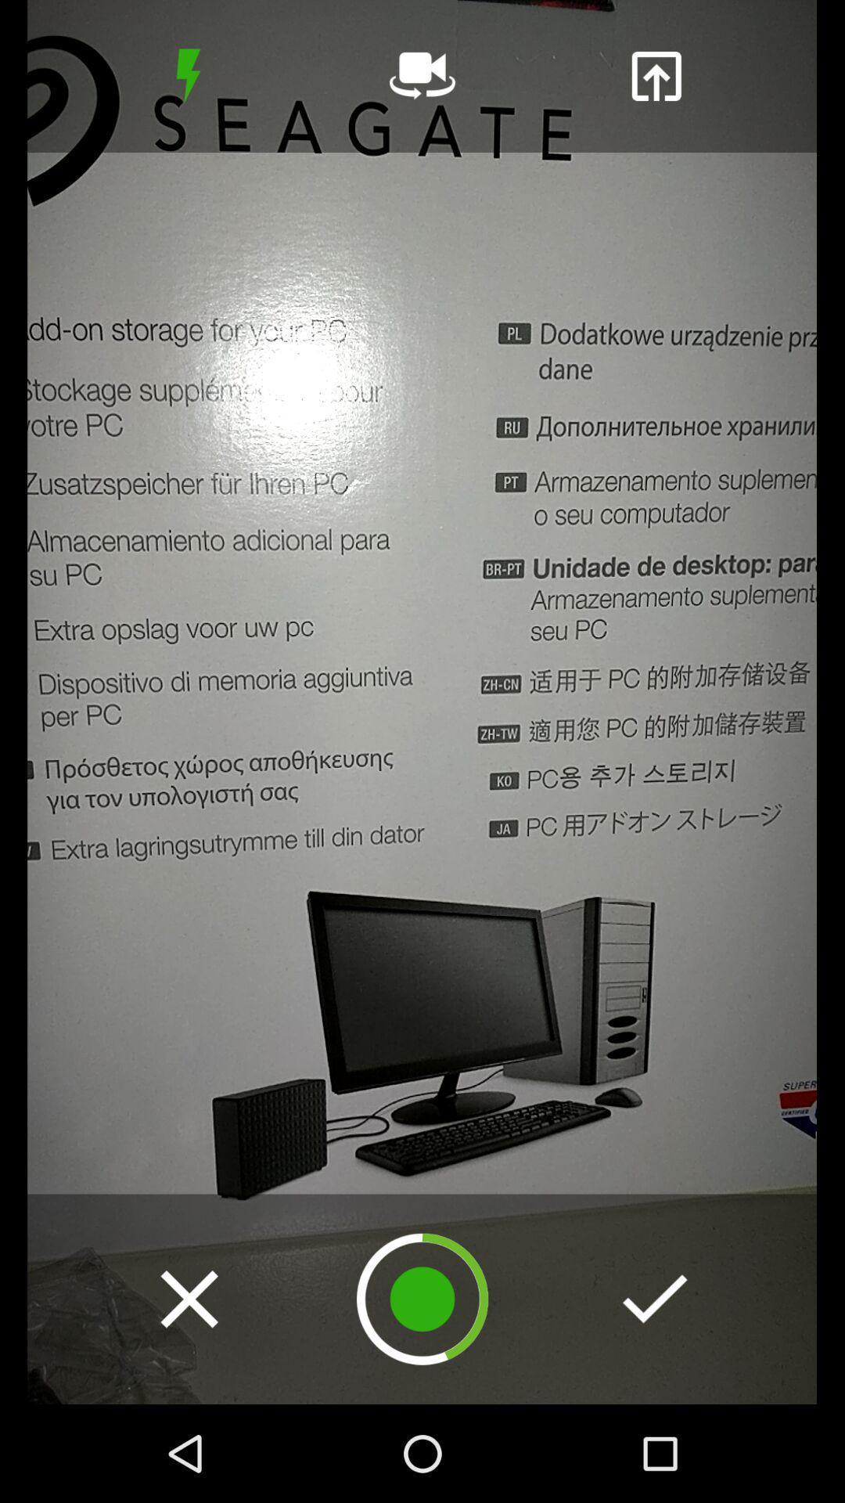 This screenshot has width=845, height=1503. I want to click on loading, so click(422, 1299).